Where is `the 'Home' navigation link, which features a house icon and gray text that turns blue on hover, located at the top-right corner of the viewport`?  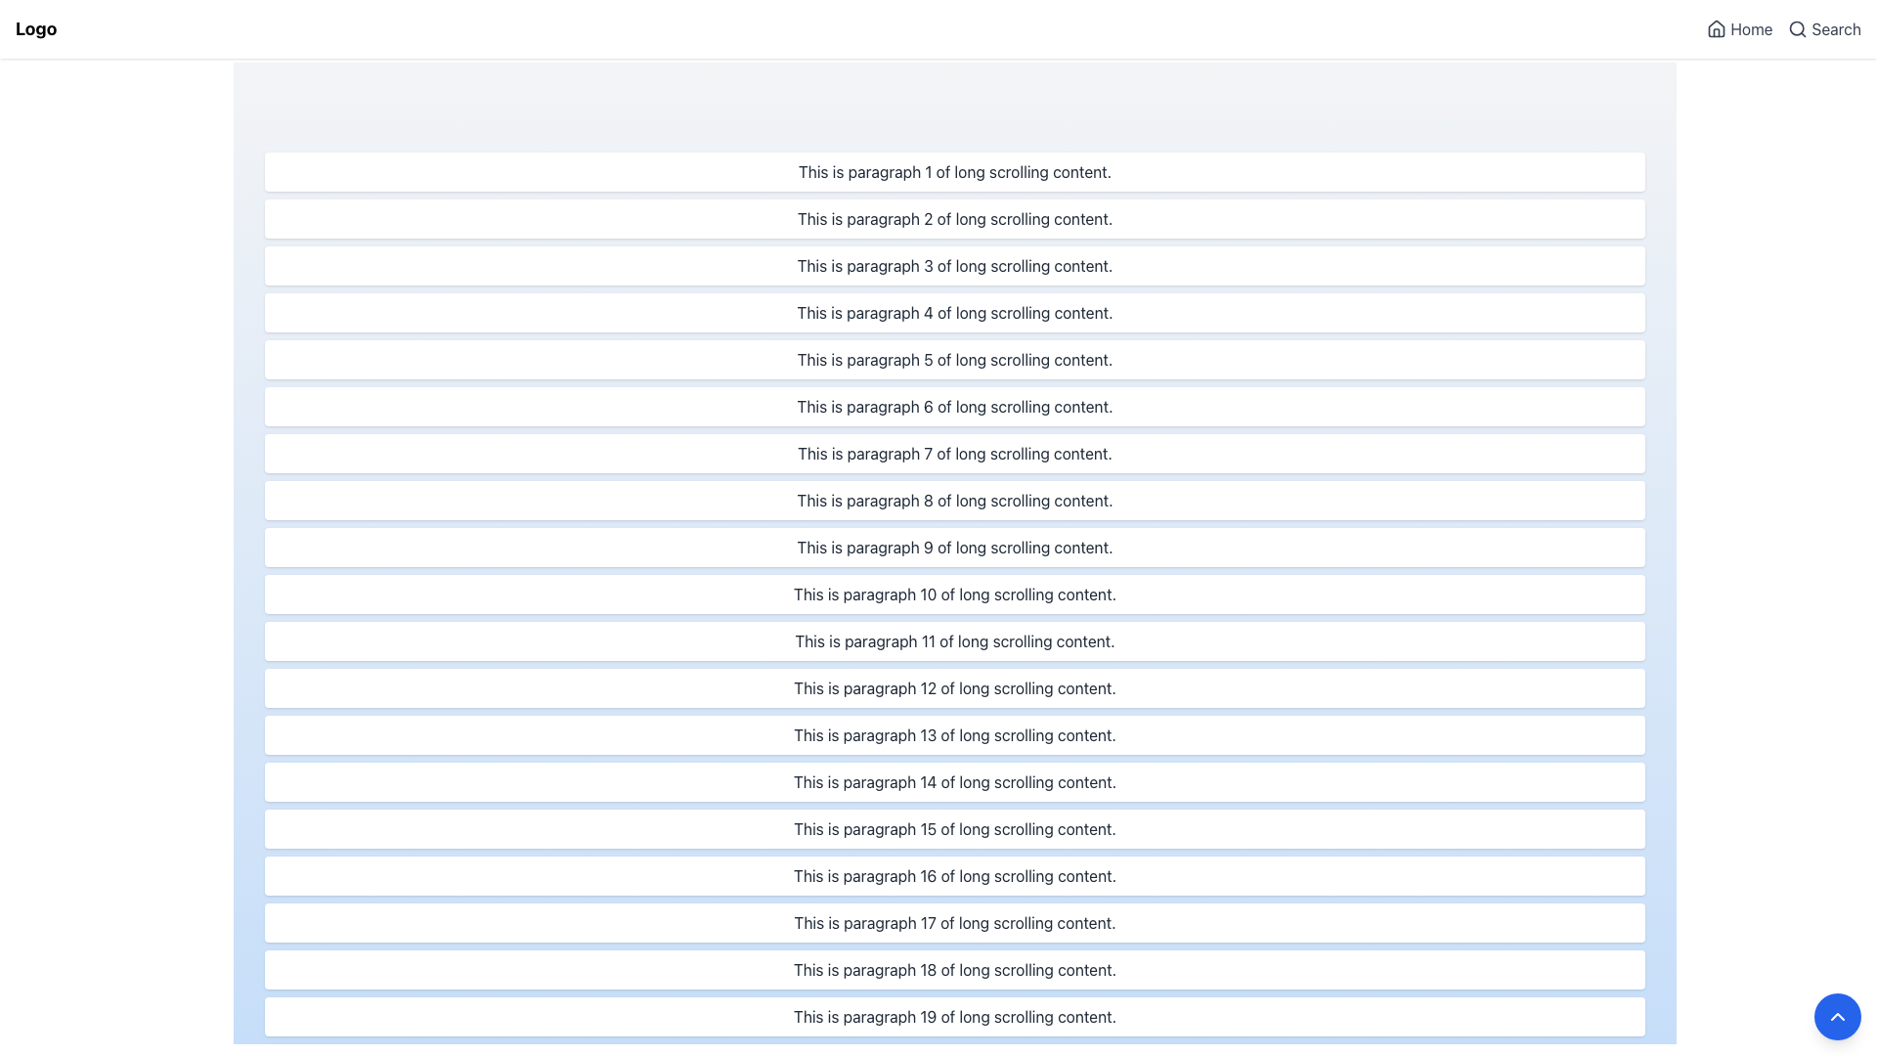 the 'Home' navigation link, which features a house icon and gray text that turns blue on hover, located at the top-right corner of the viewport is located at coordinates (1739, 29).